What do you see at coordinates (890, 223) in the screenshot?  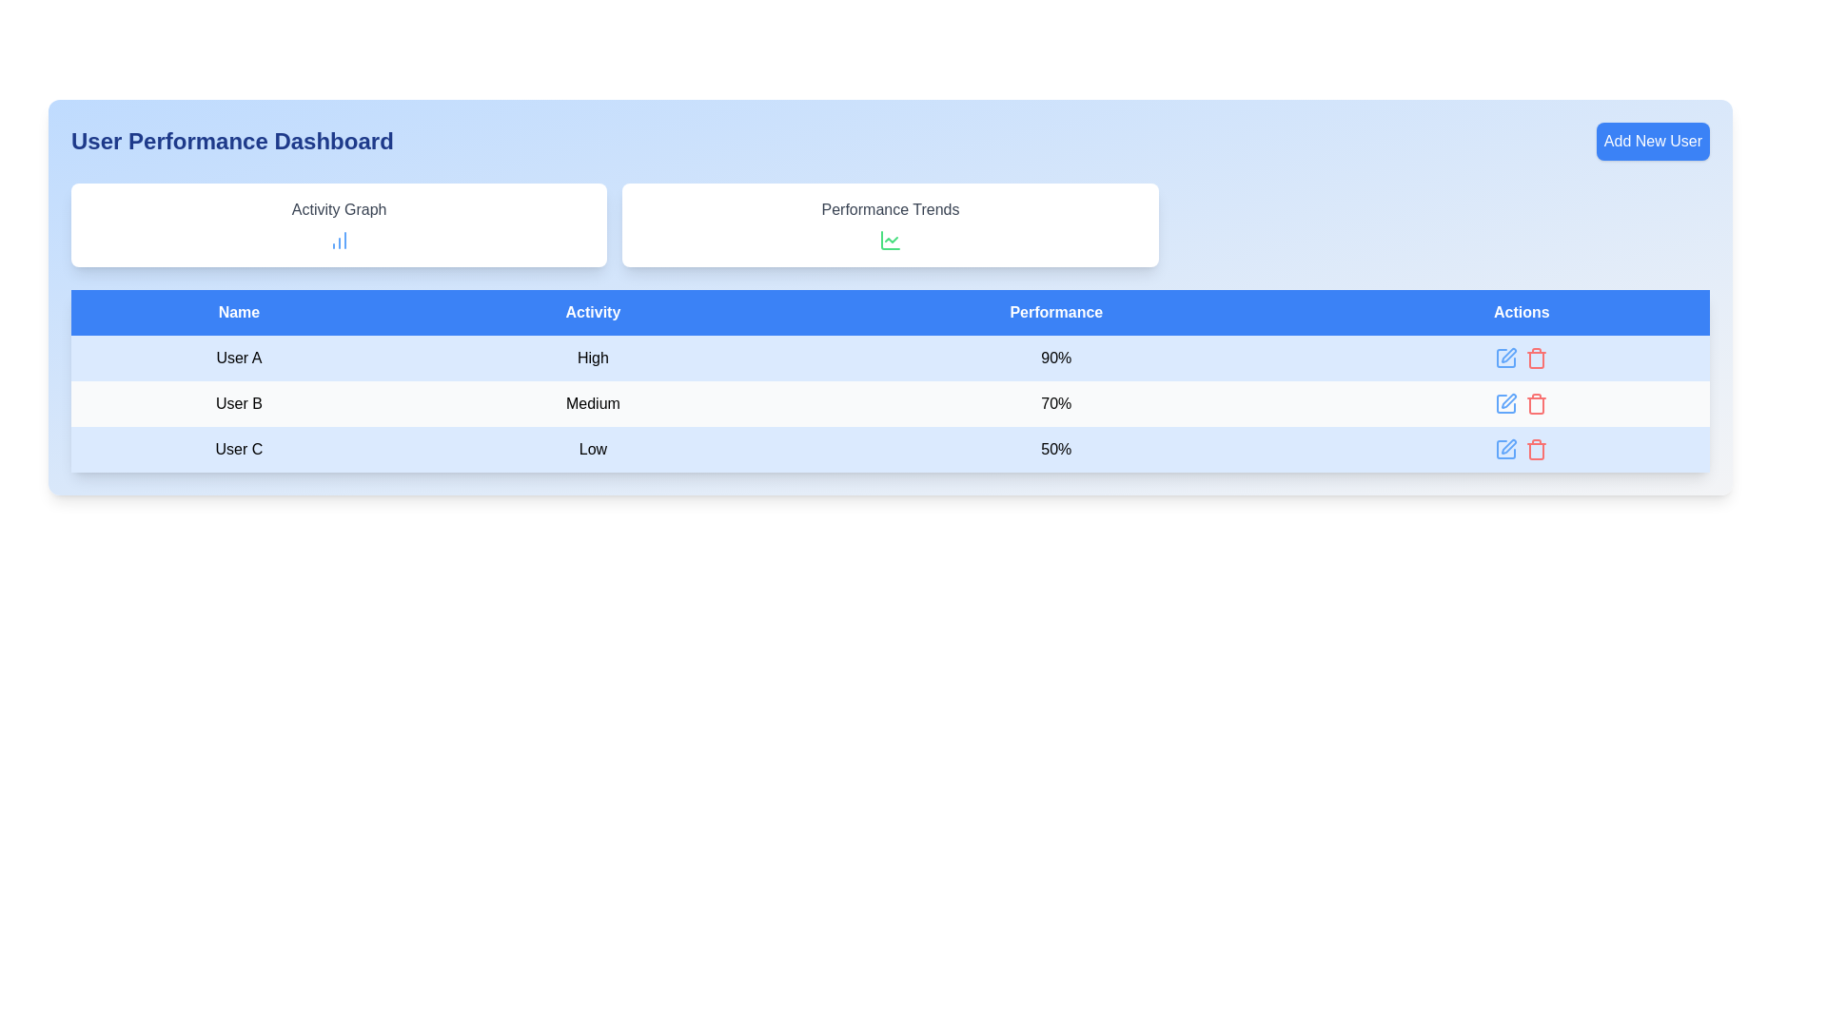 I see `the 'Performance Trends' summary widget located to the right of the 'Activity Graph' card in the upper section of the interface` at bounding box center [890, 223].